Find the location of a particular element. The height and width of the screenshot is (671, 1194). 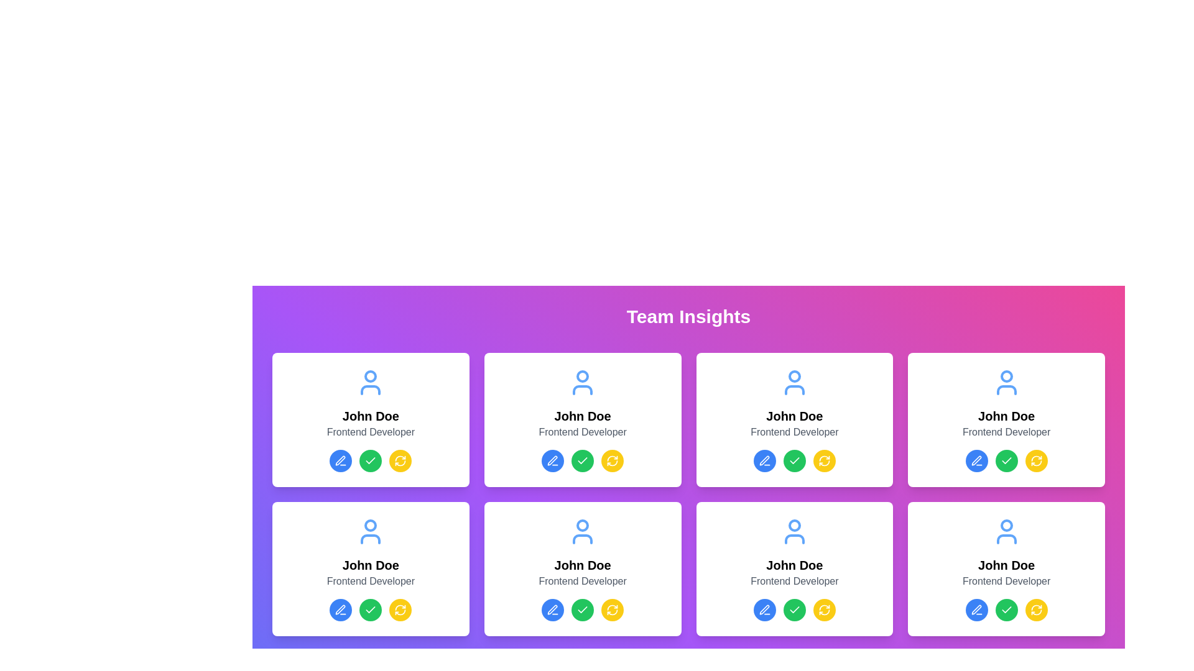

the edit icon located as the first icon in the row of action icons at the bottom of the user profile card is located at coordinates (552, 609).